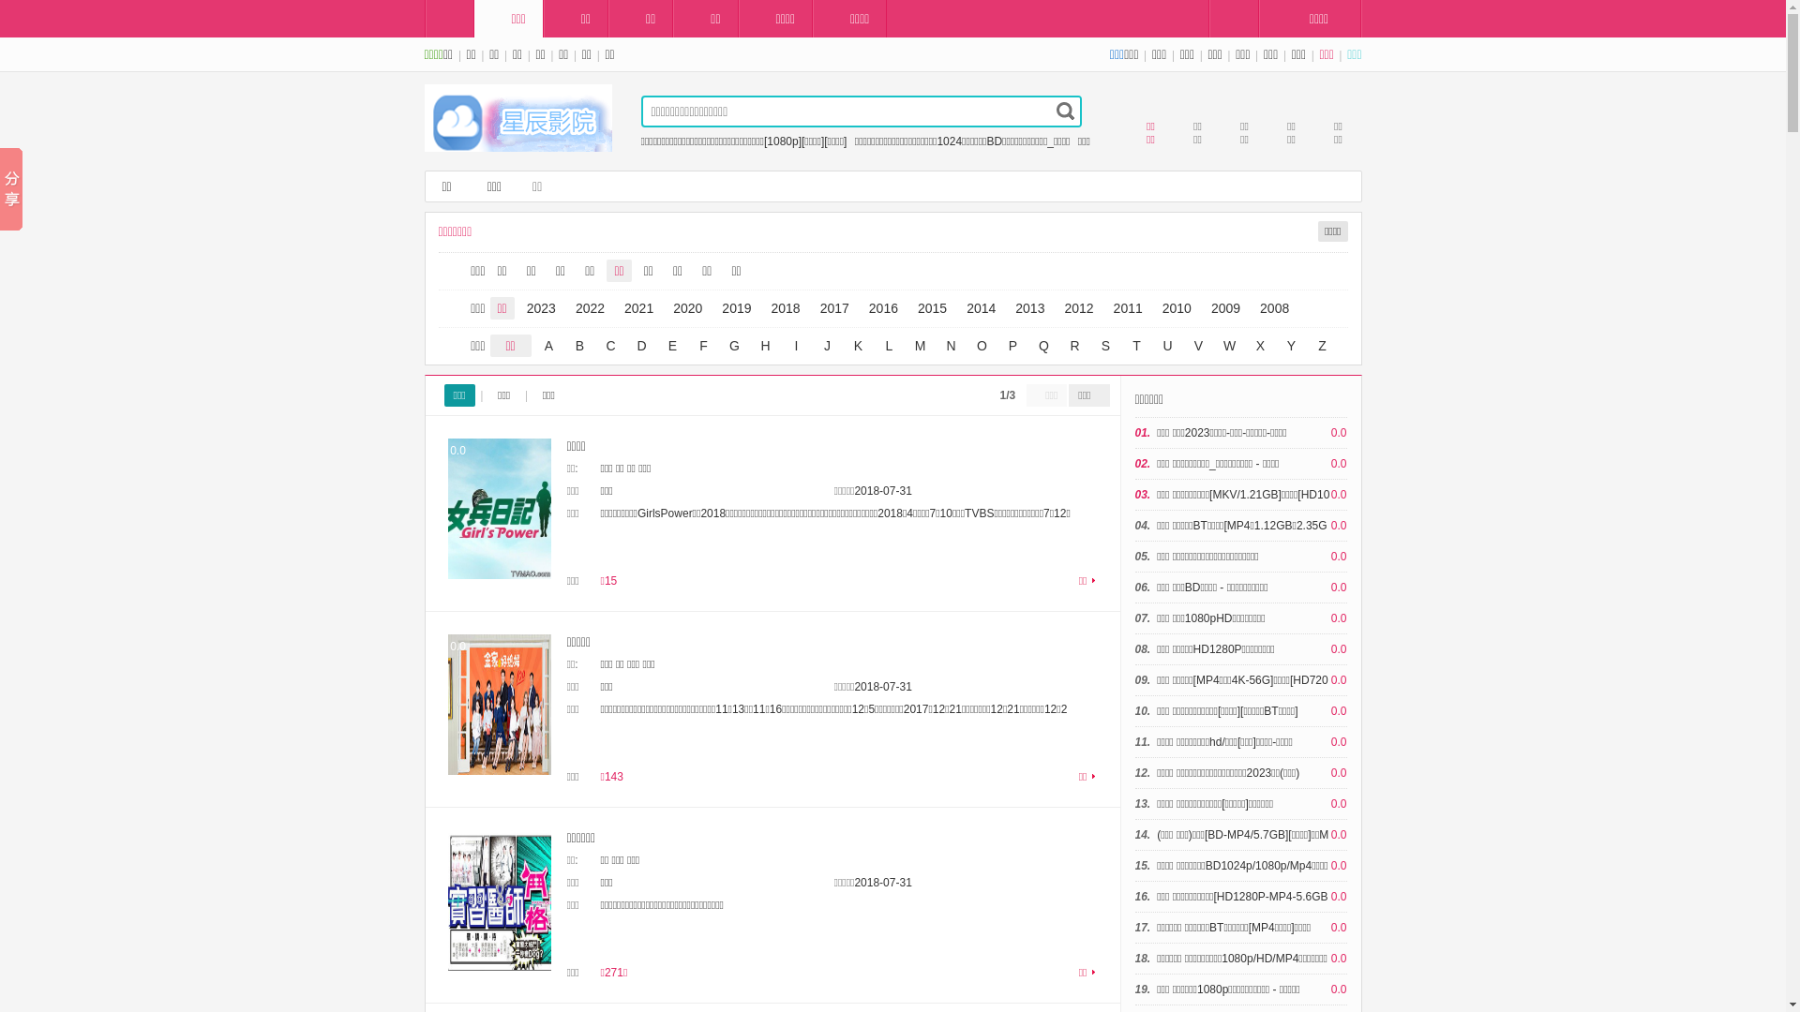  What do you see at coordinates (980, 306) in the screenshot?
I see `'2014'` at bounding box center [980, 306].